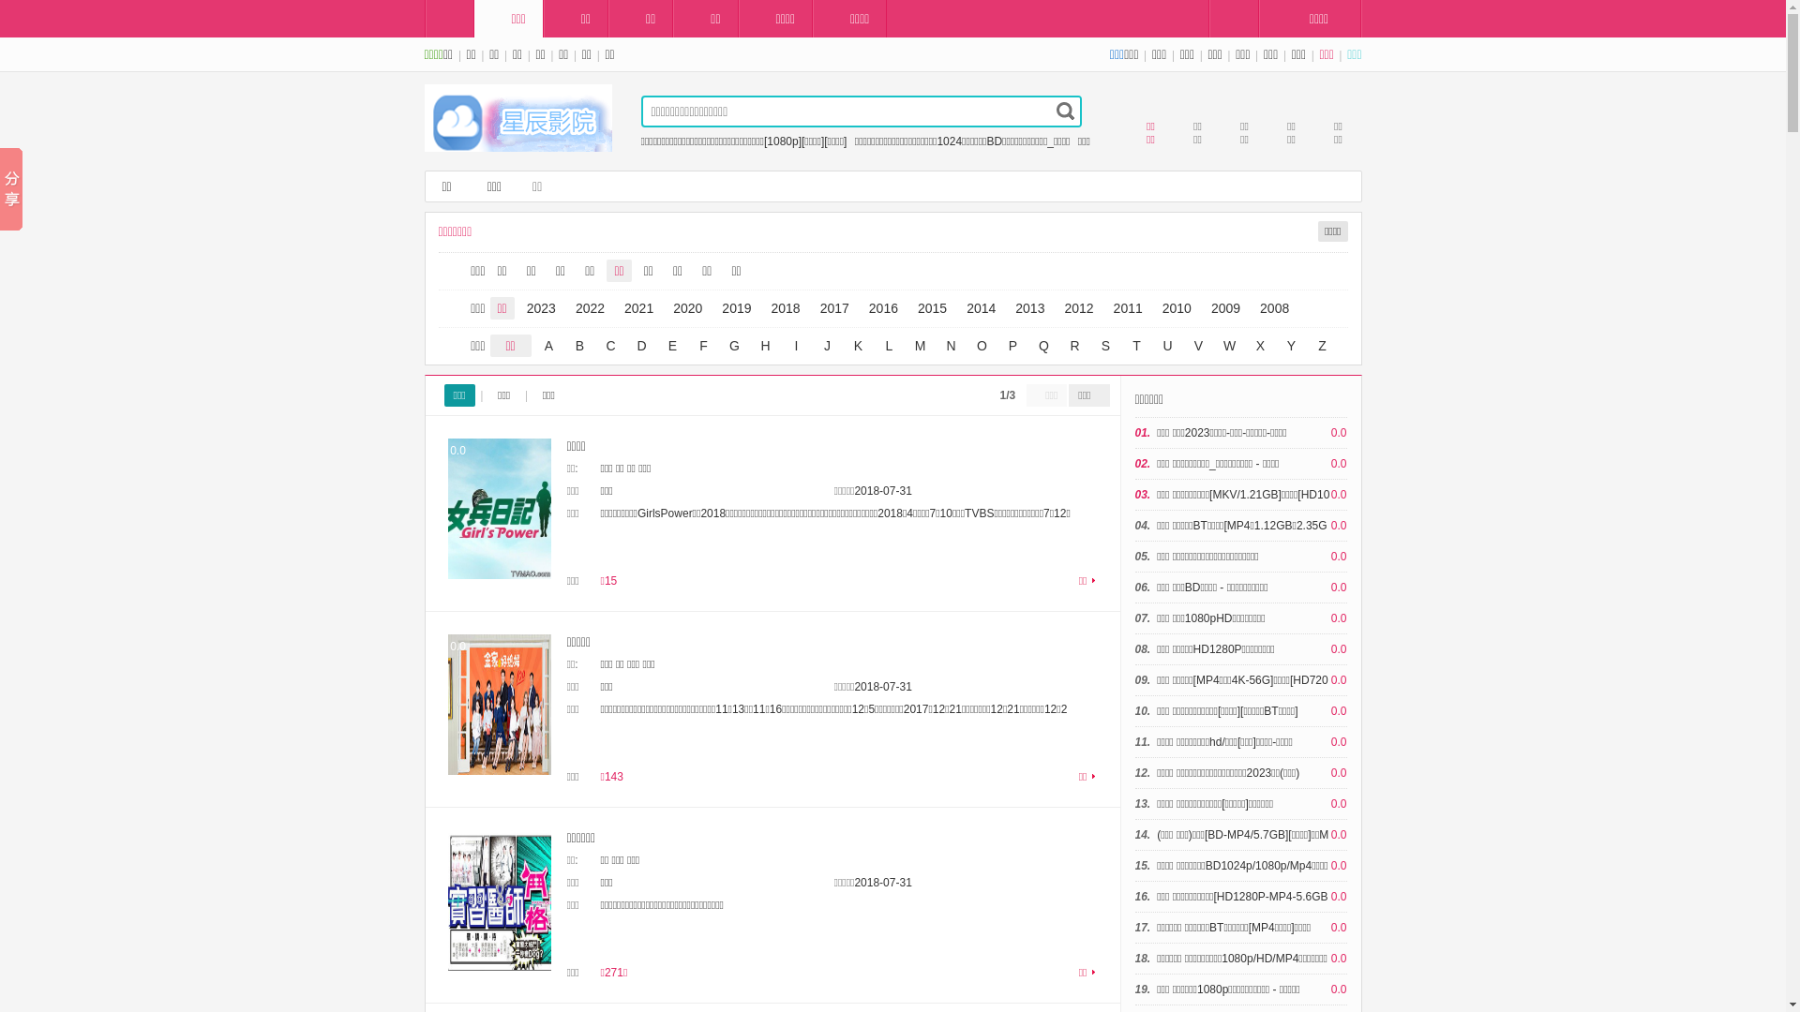  What do you see at coordinates (980, 306) in the screenshot?
I see `'2014'` at bounding box center [980, 306].